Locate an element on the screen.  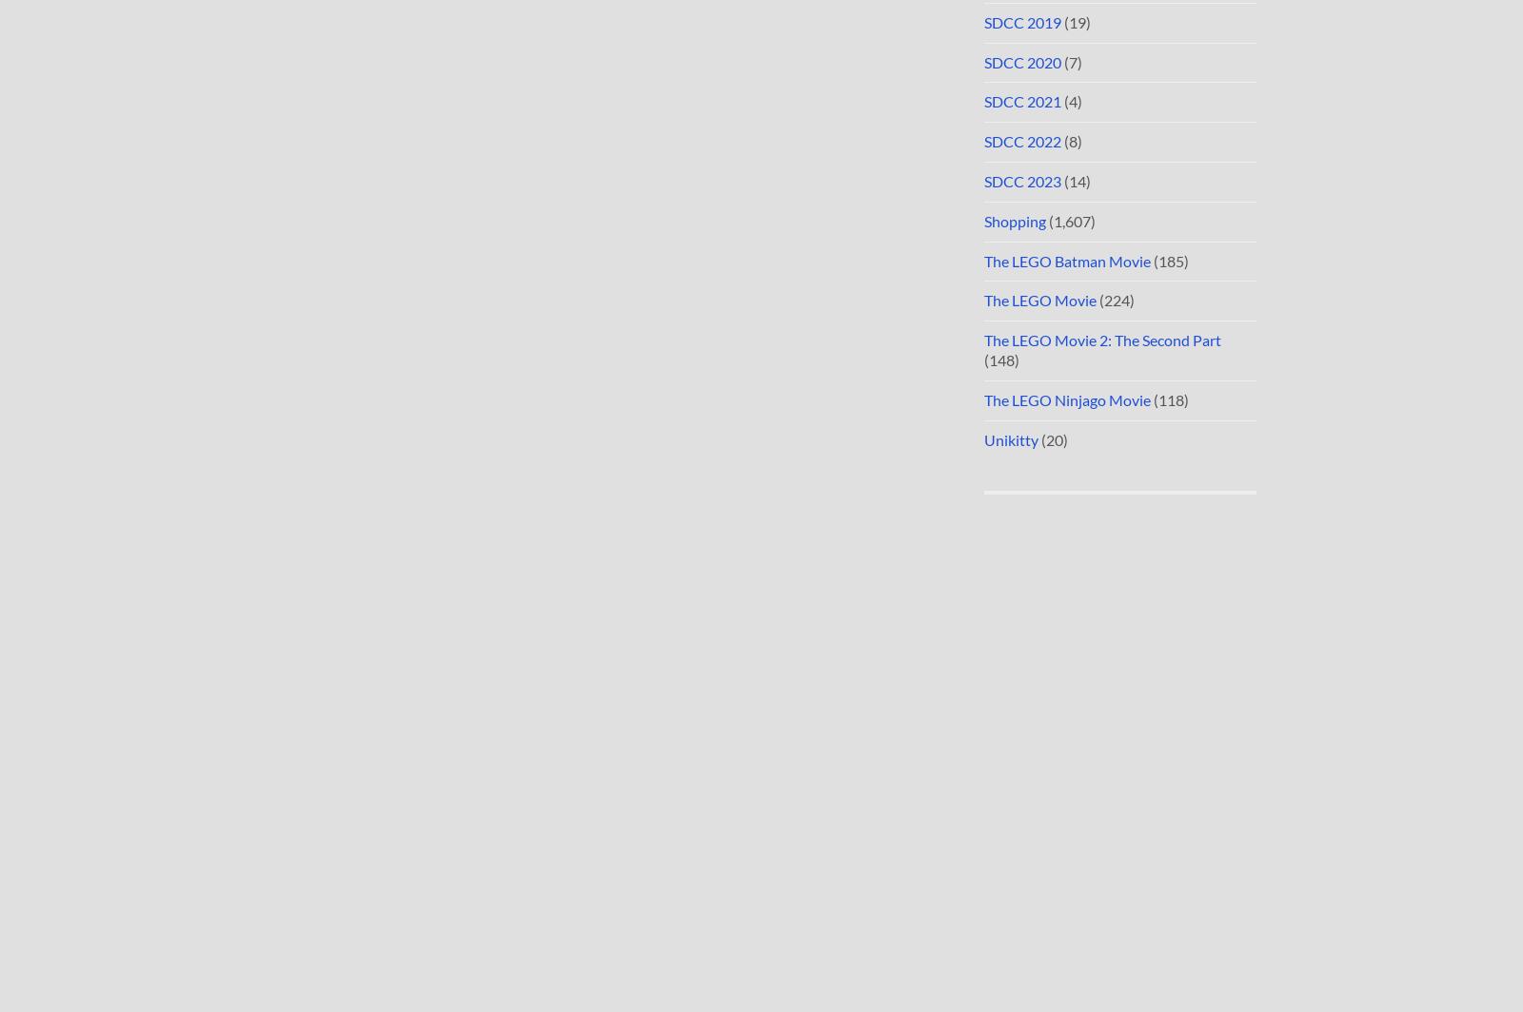
'SDCC 2022' is located at coordinates (983, 141).